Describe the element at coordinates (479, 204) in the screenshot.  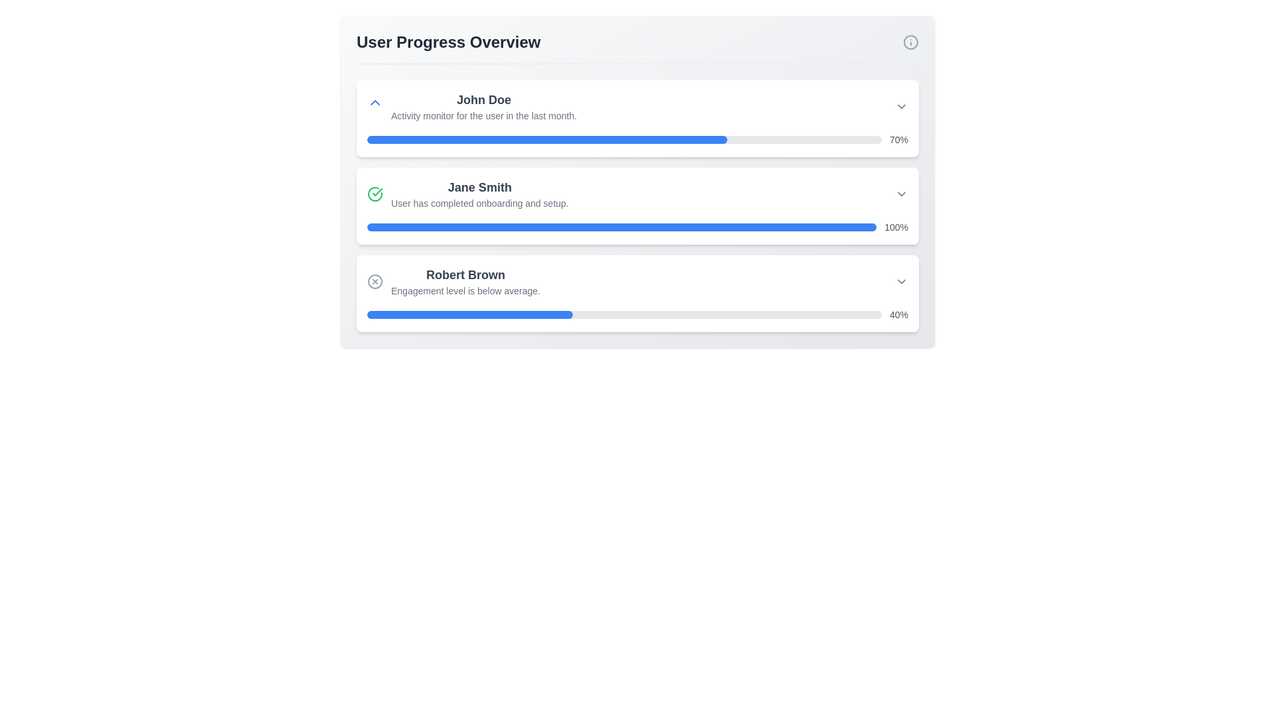
I see `the text label element that conveys the message 'User has completed onboarding and setup.', which is styled in a smaller gray font and is located directly below the name 'Jane Smith'` at that location.